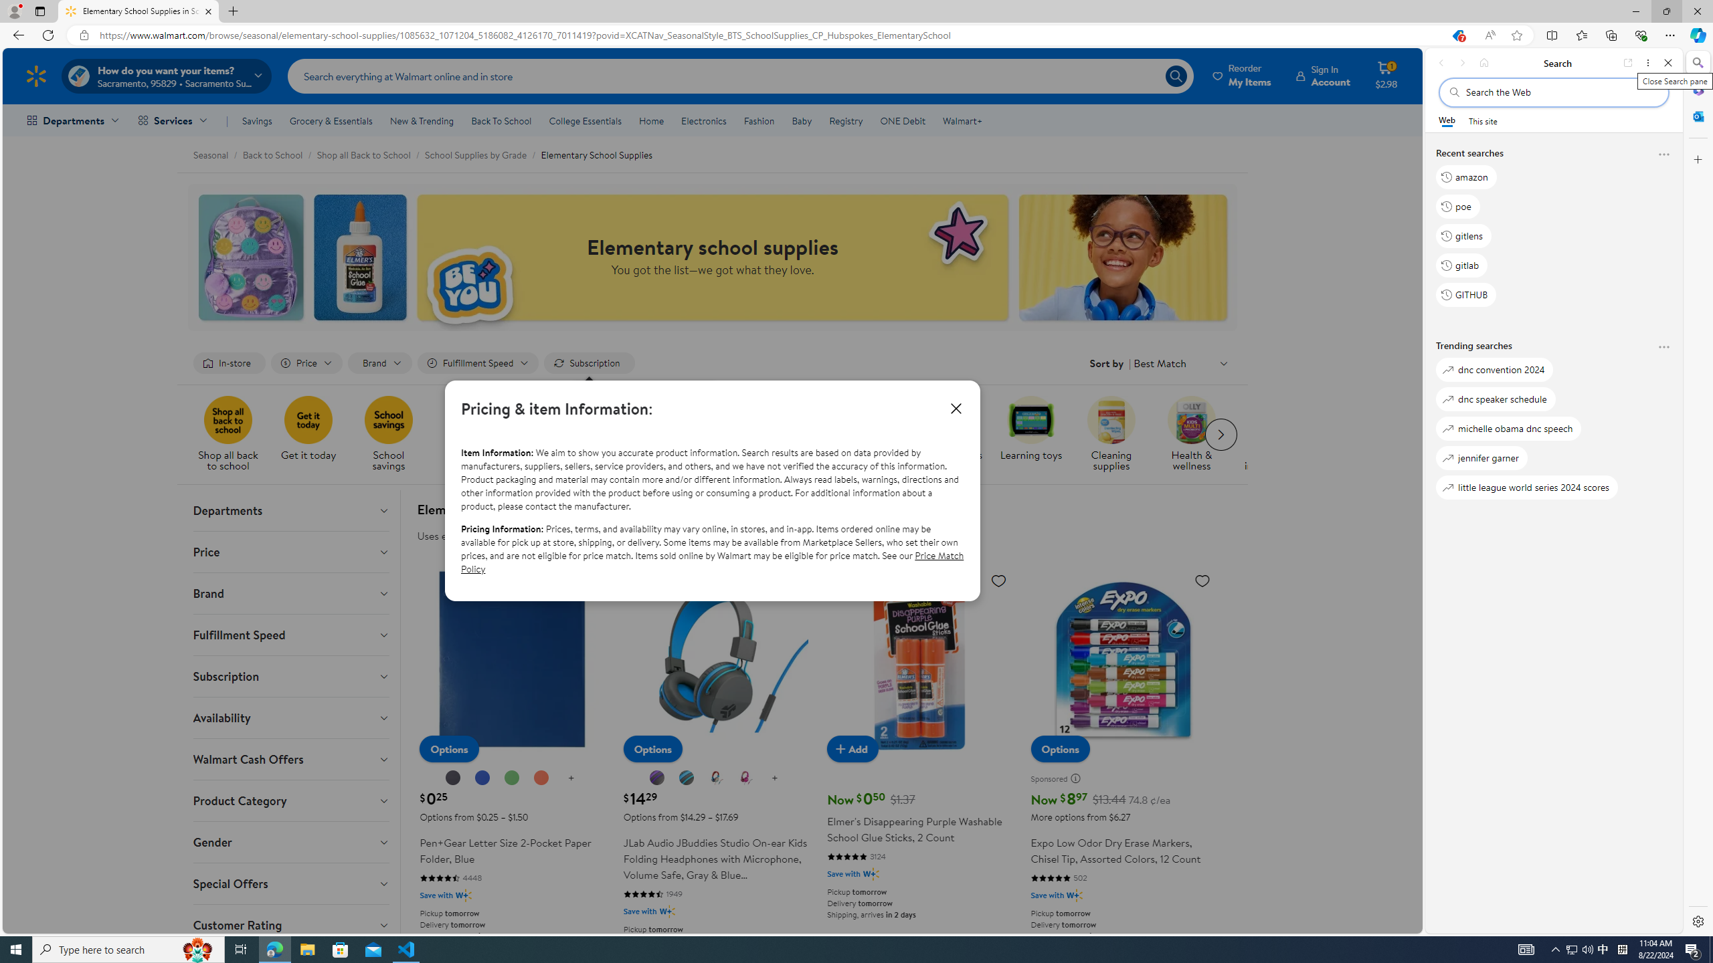 The height and width of the screenshot is (963, 1713). What do you see at coordinates (1698, 492) in the screenshot?
I see `'Side bar'` at bounding box center [1698, 492].